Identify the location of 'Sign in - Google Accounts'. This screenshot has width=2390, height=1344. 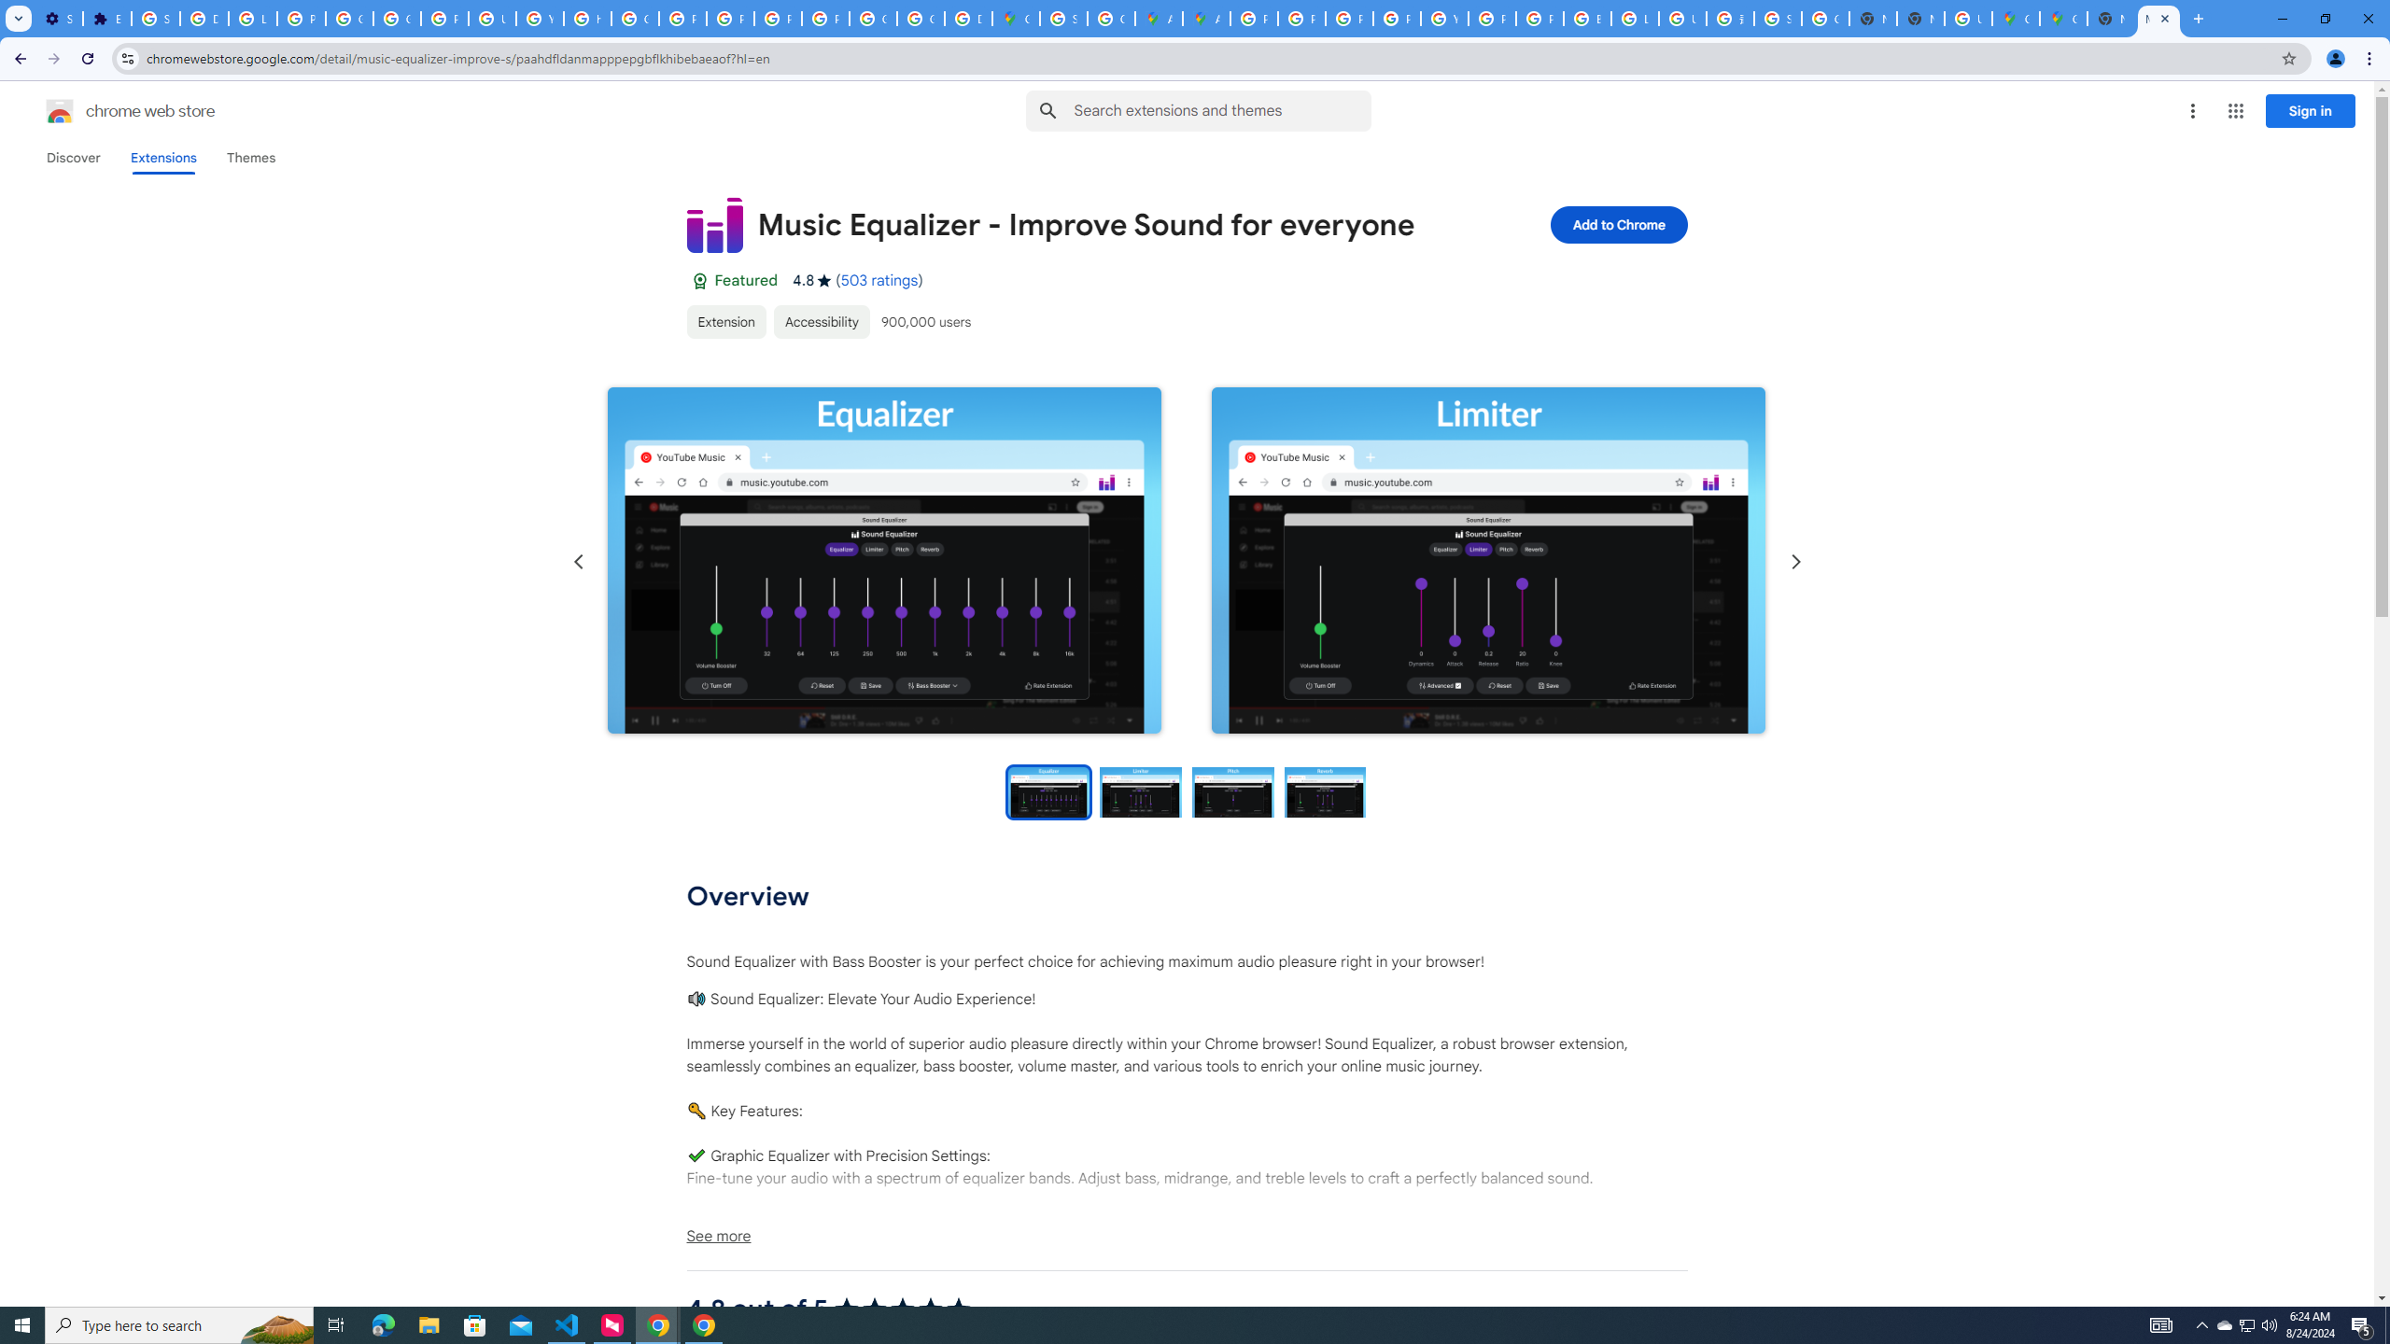
(156, 18).